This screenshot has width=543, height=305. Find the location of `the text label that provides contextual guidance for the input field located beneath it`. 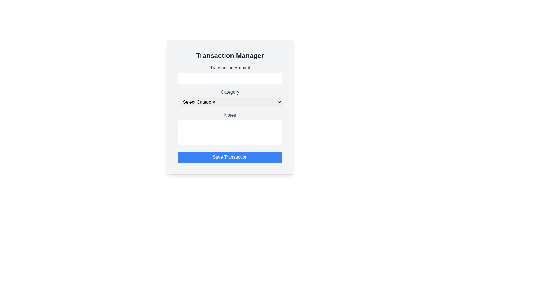

the text label that provides contextual guidance for the input field located beneath it is located at coordinates (230, 67).